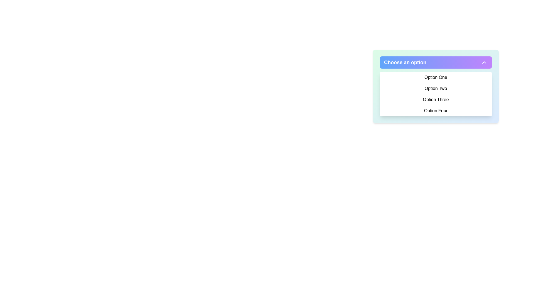  Describe the element at coordinates (435, 111) in the screenshot. I see `the selectable list item labeled 'Option Four' at the bottom of the list` at that location.